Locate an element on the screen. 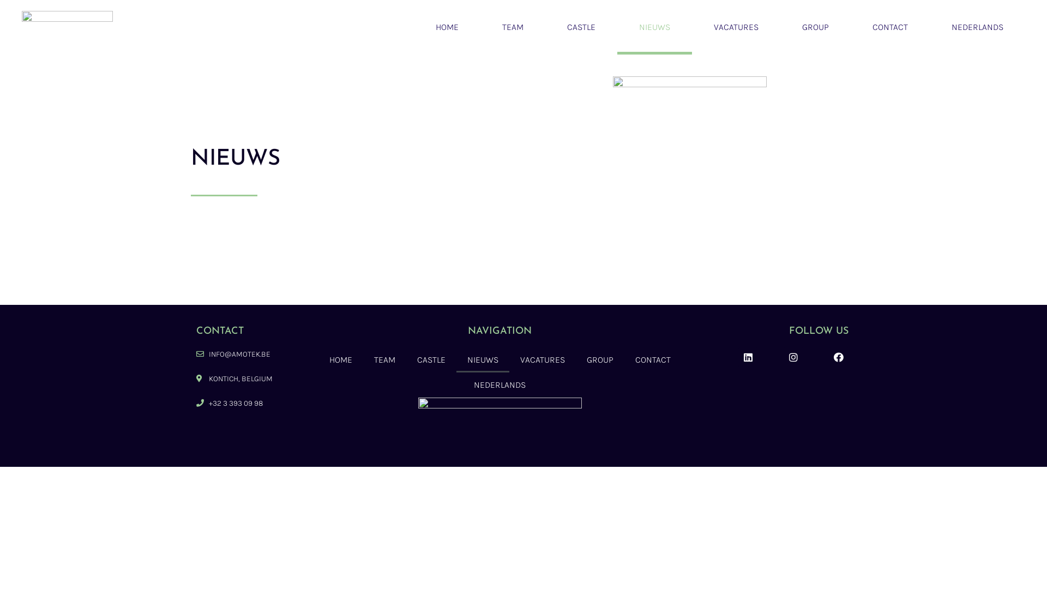 The width and height of the screenshot is (1047, 589). 'CONTACT' is located at coordinates (653, 359).